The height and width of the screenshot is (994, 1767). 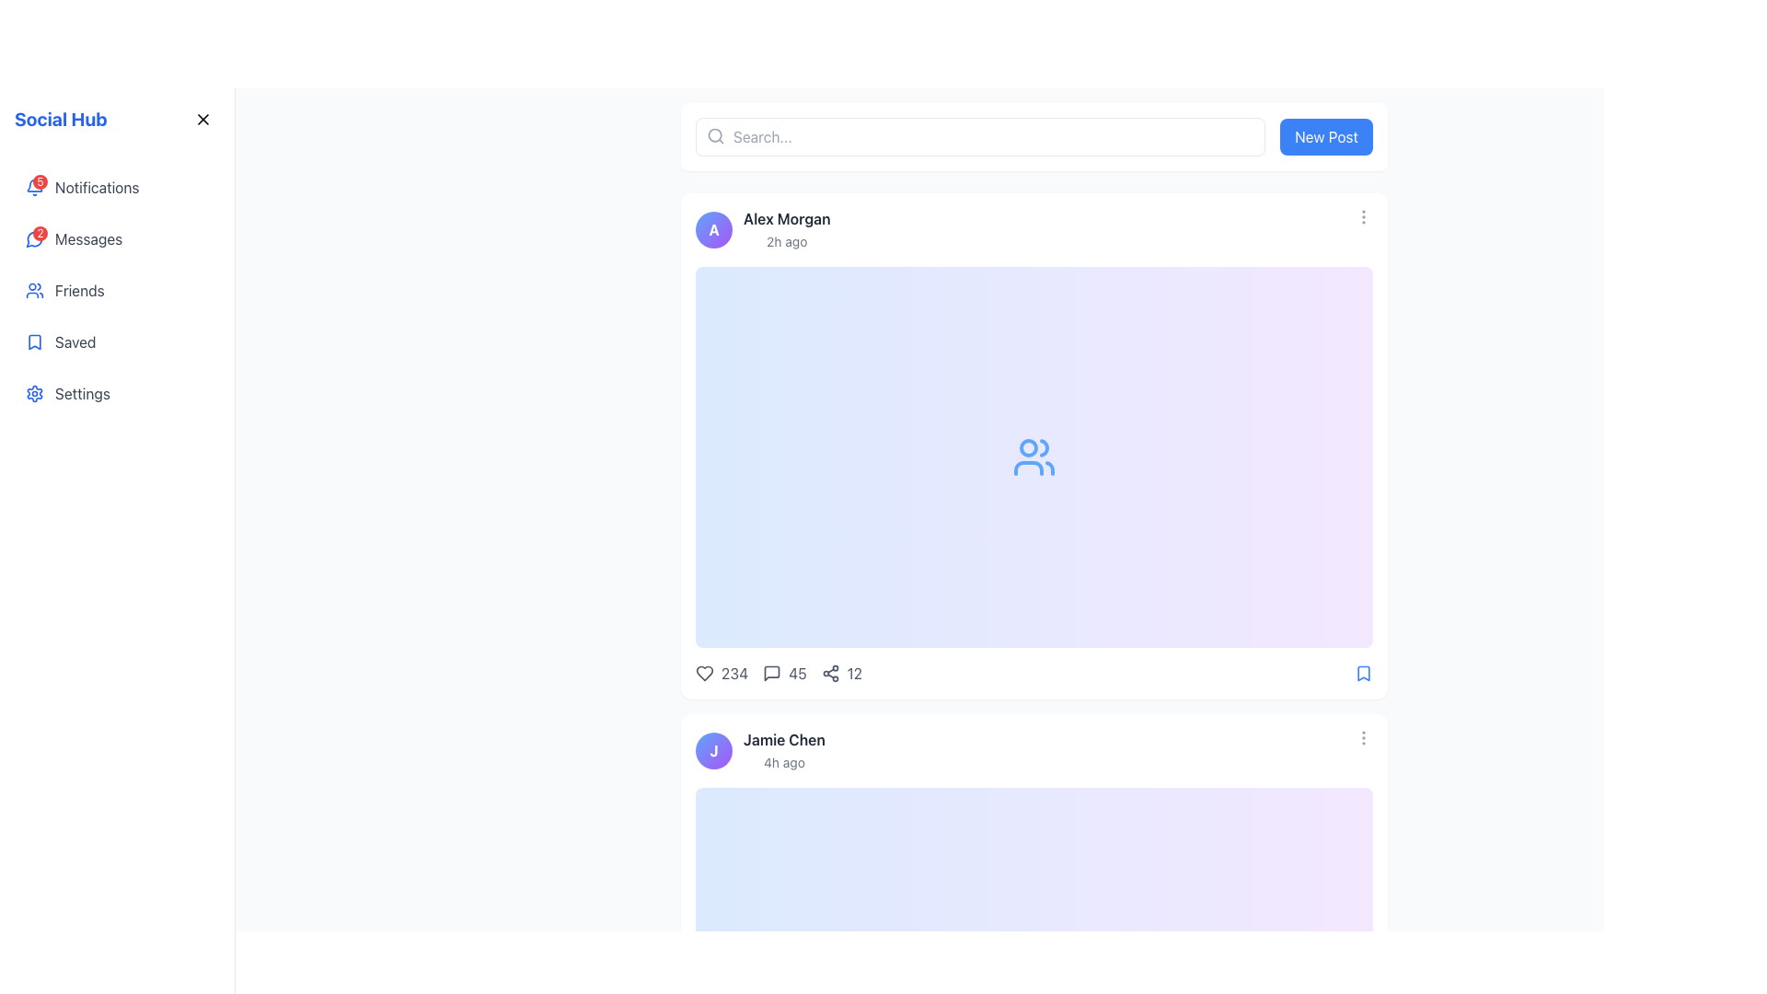 I want to click on the circle located within the magnifying glass icon in the search bar area, so click(x=714, y=134).